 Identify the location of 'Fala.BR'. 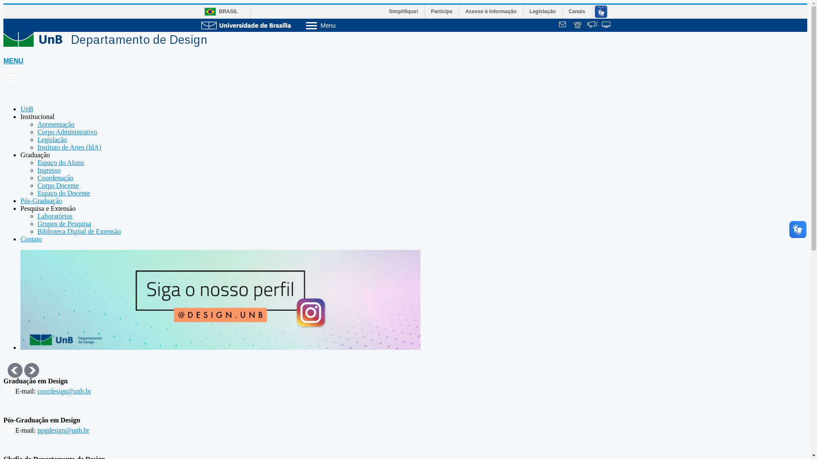
(592, 25).